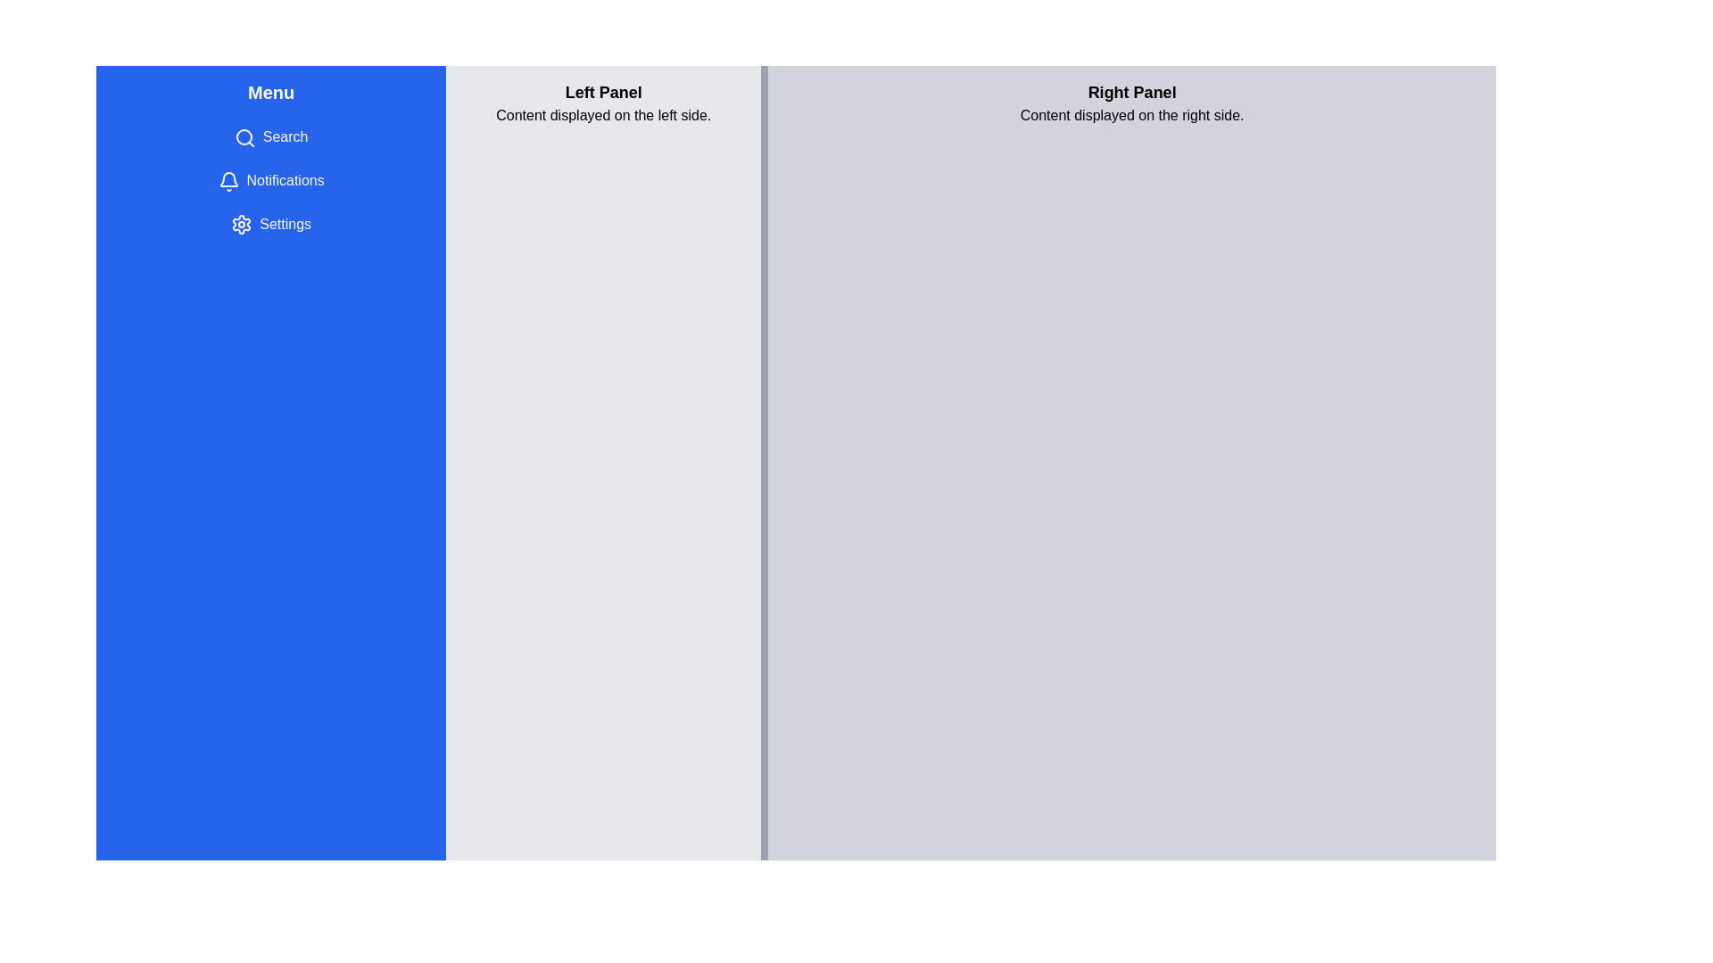  Describe the element at coordinates (270, 223) in the screenshot. I see `the 'Settings' menu item, which is a button-like element represented by a cogwheel icon and white text, located in the vertical navigation menu on the left side of the interface` at that location.